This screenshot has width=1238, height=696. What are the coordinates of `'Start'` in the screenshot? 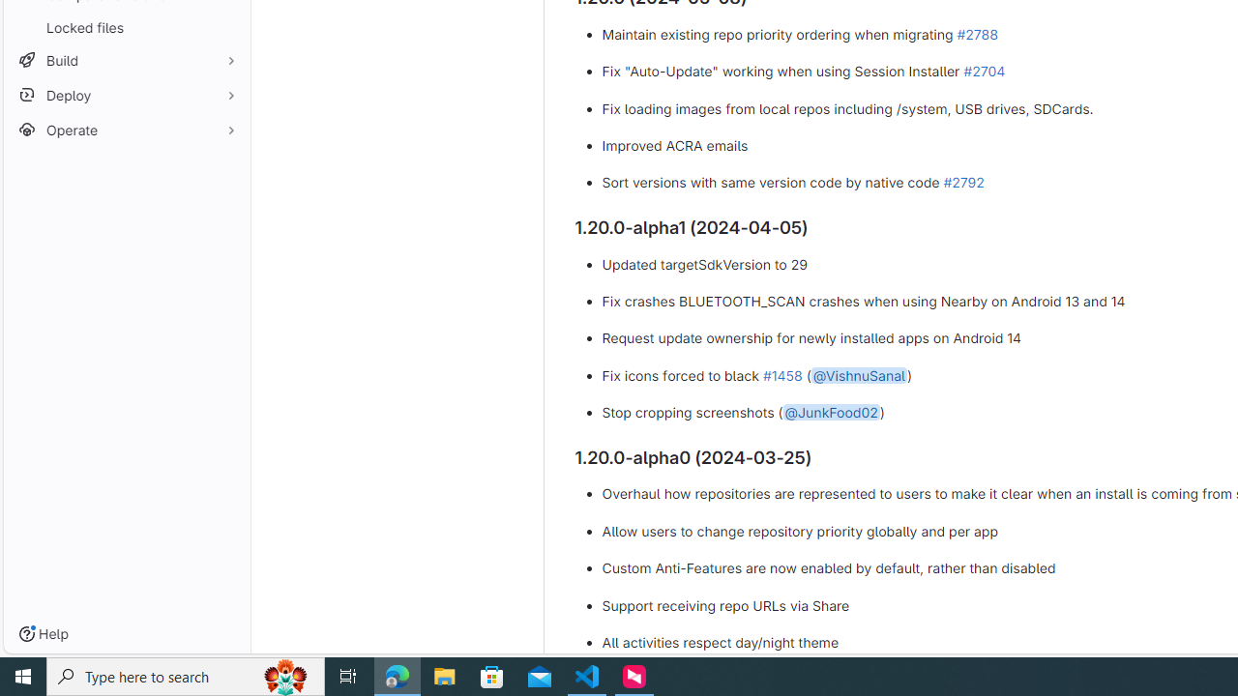 It's located at (23, 675).